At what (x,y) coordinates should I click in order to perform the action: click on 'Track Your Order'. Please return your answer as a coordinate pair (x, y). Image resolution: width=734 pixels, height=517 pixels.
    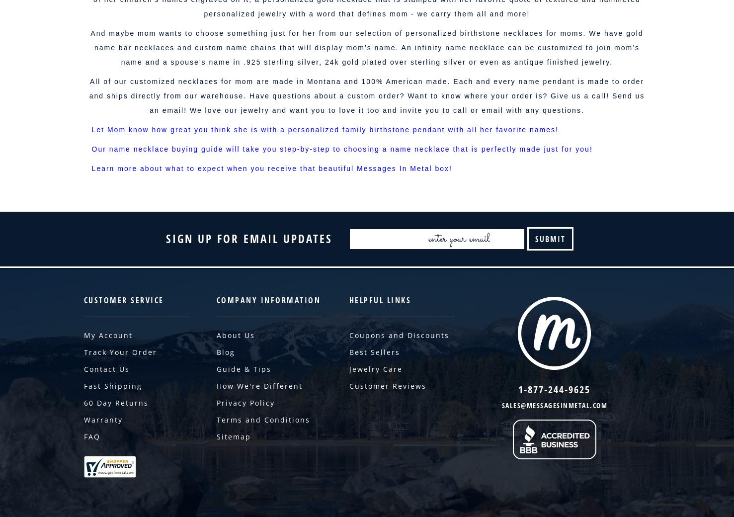
    Looking at the image, I should click on (120, 352).